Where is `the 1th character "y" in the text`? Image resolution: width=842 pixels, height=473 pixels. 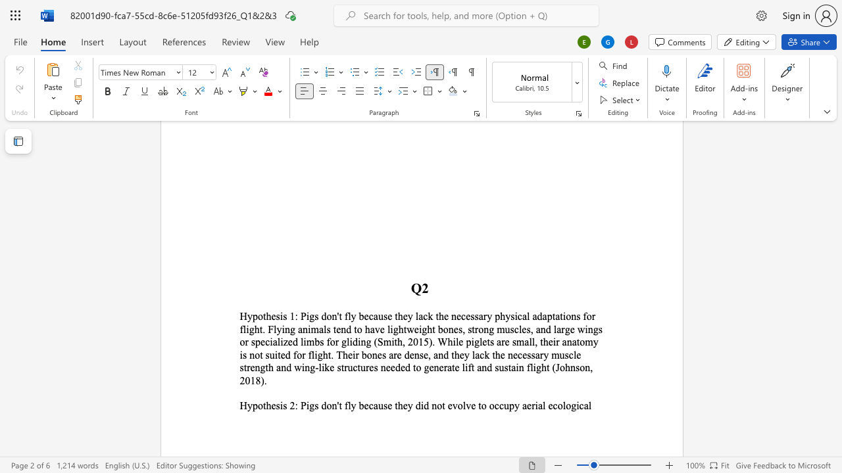
the 1th character "y" in the text is located at coordinates (250, 316).